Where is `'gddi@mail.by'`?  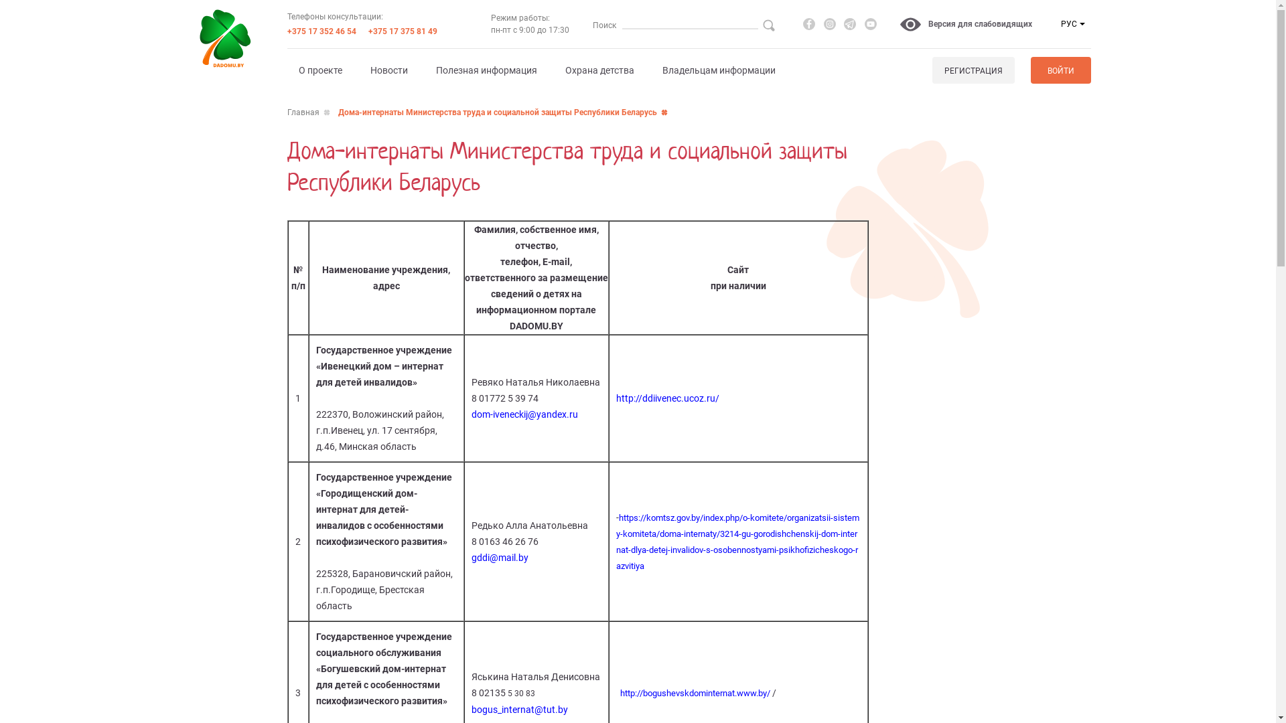
'gddi@mail.by' is located at coordinates (499, 558).